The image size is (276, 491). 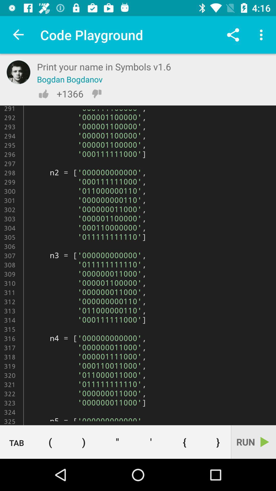 I want to click on down vote option, so click(x=97, y=94).